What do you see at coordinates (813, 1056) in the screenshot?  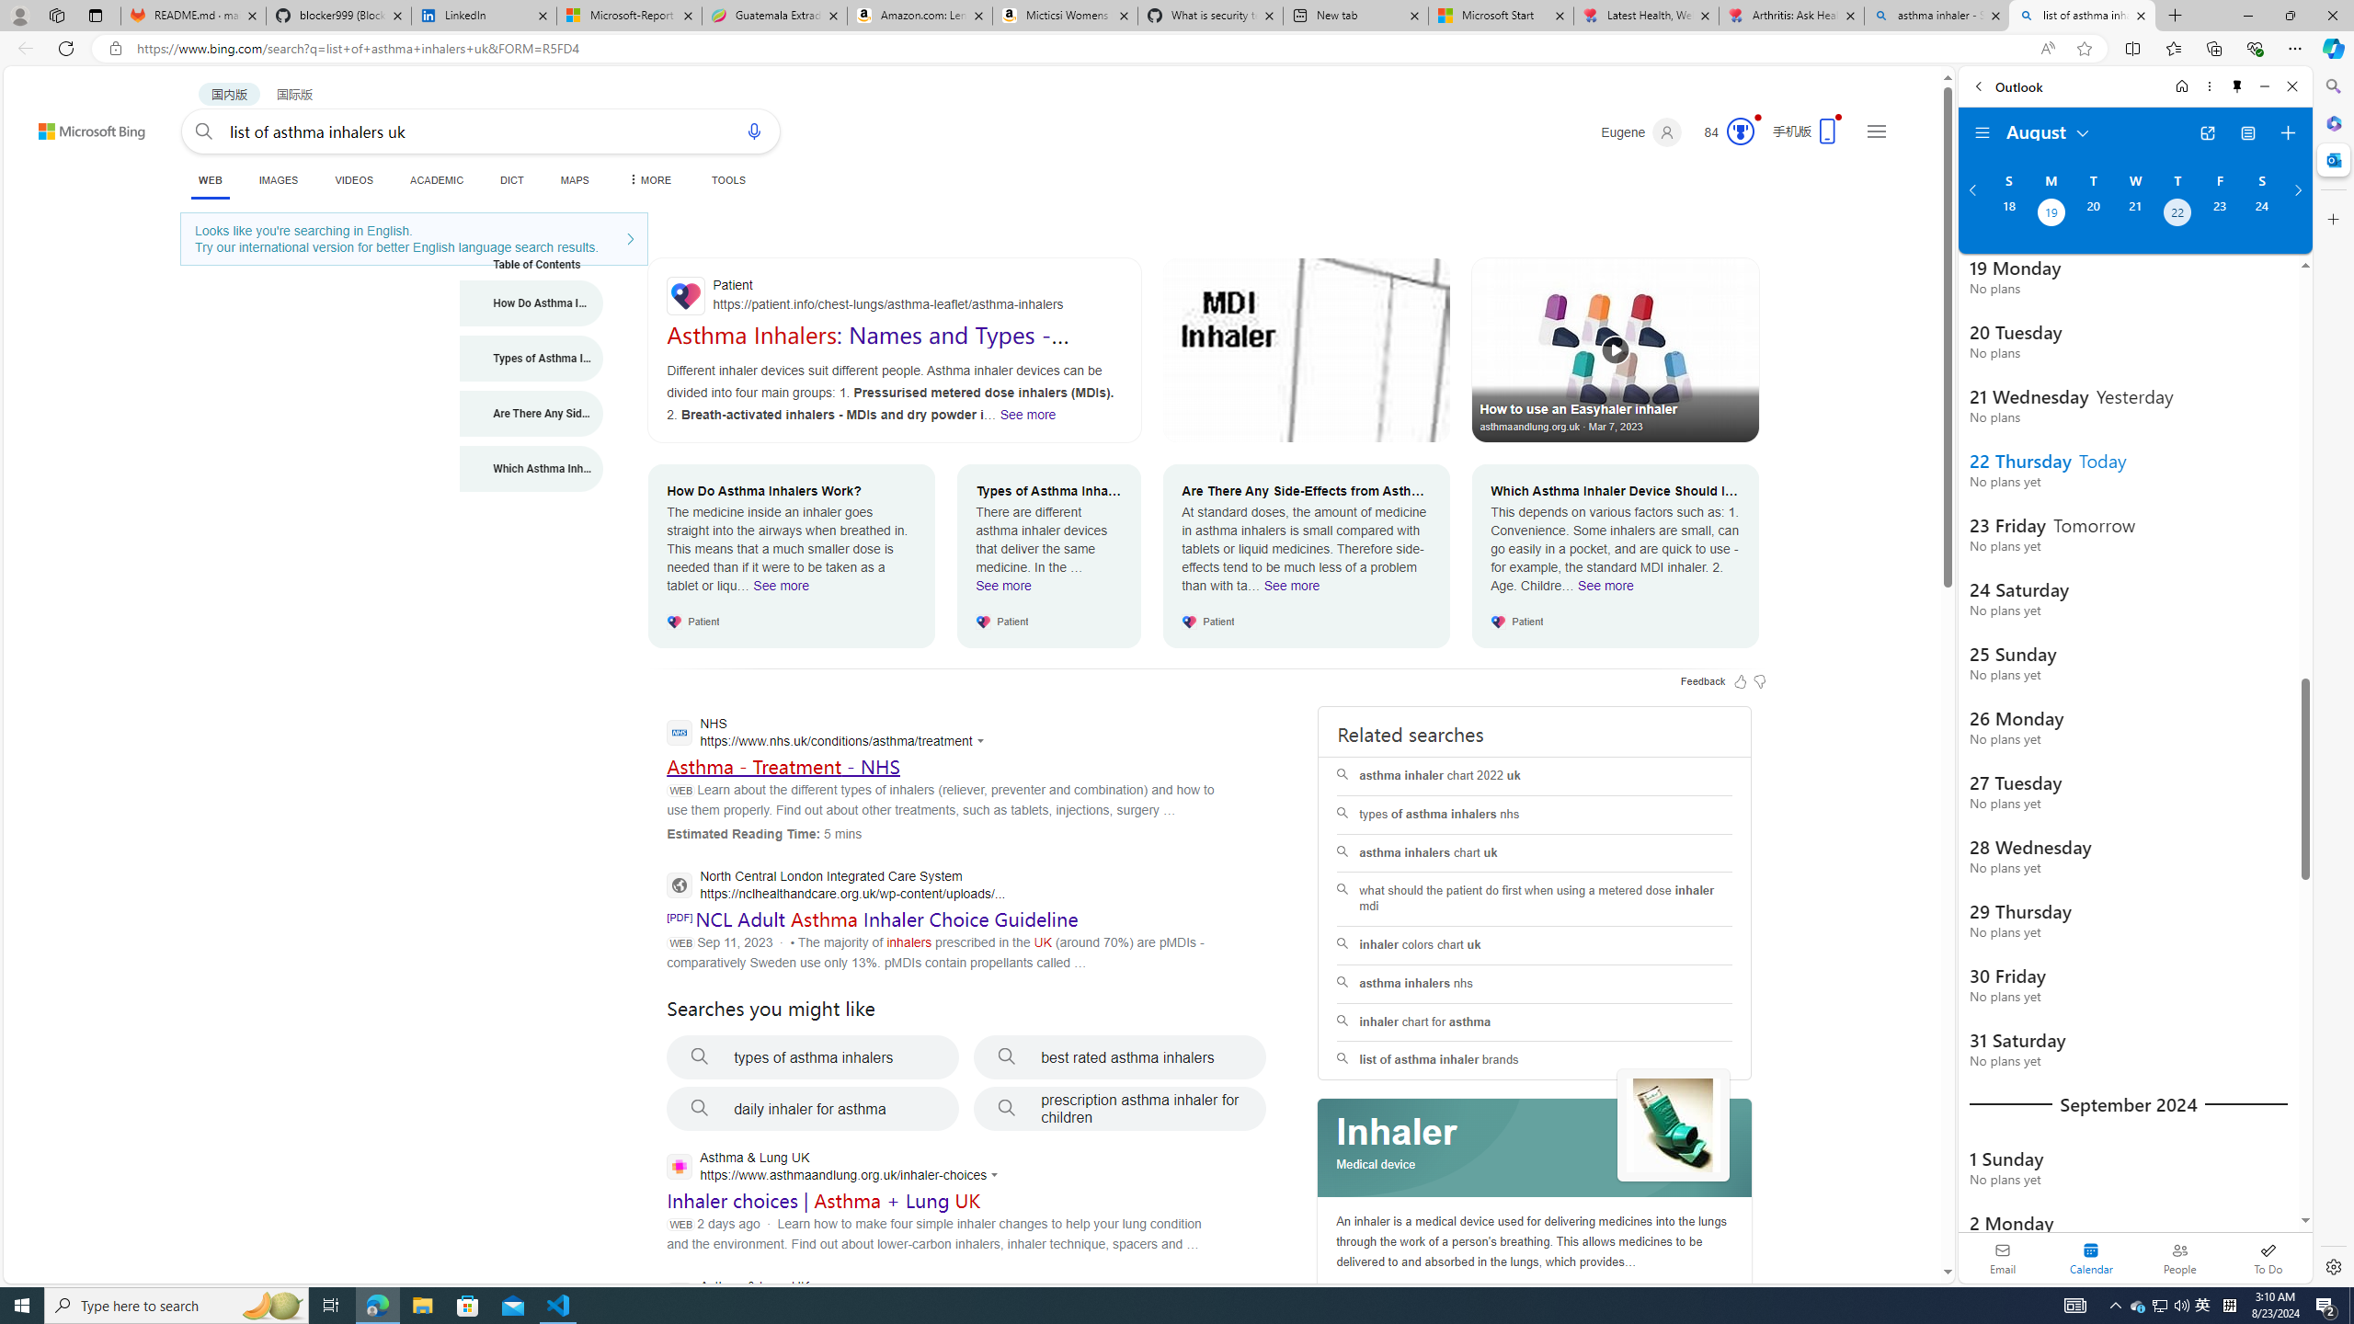 I see `'types of asthma inhalers'` at bounding box center [813, 1056].